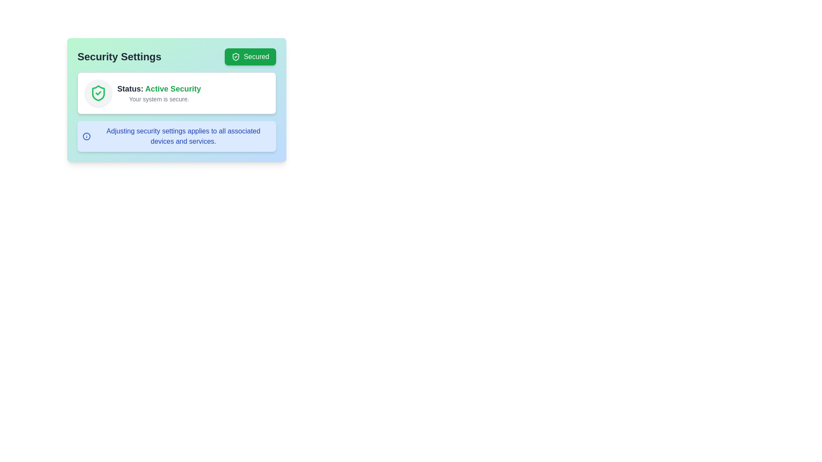 The width and height of the screenshot is (822, 462). What do you see at coordinates (159, 89) in the screenshot?
I see `the static informational text that displays the security status of the system, located under the 'Security Settings' title in the top-left part of the security settings card` at bounding box center [159, 89].